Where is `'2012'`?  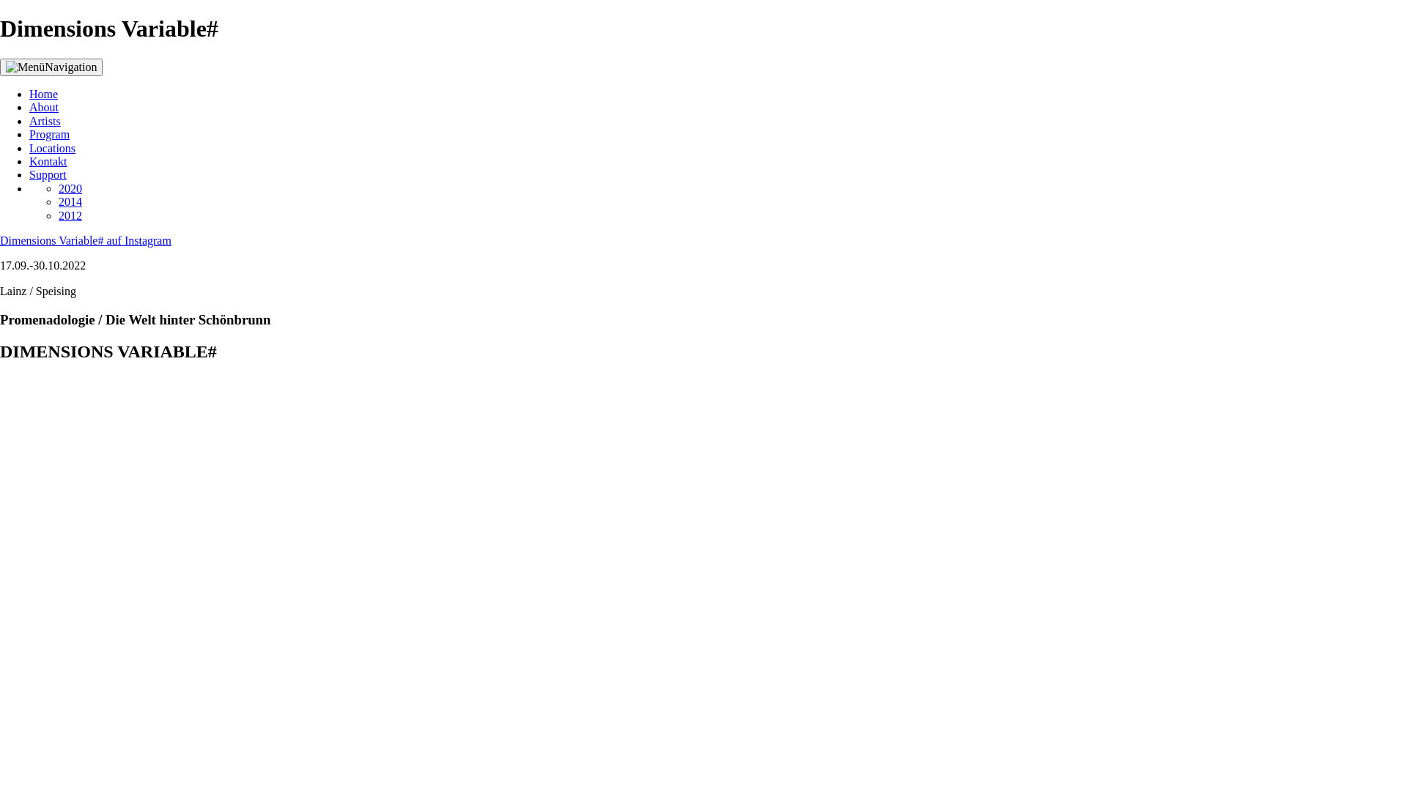
'2012' is located at coordinates (59, 215).